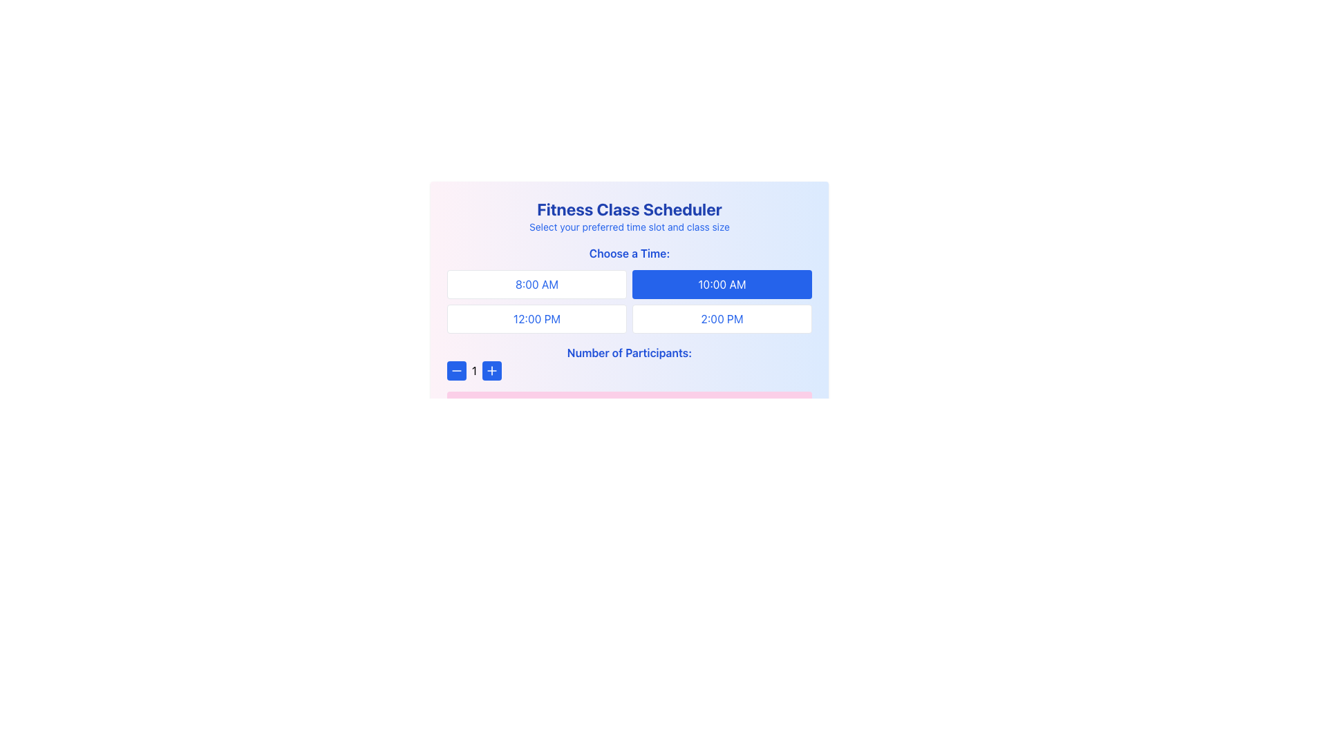  I want to click on the button for selecting the time slot (2:00 PM) located in the bottom-right cell of the grid under the 'Choose a Time:' heading, so click(722, 319).